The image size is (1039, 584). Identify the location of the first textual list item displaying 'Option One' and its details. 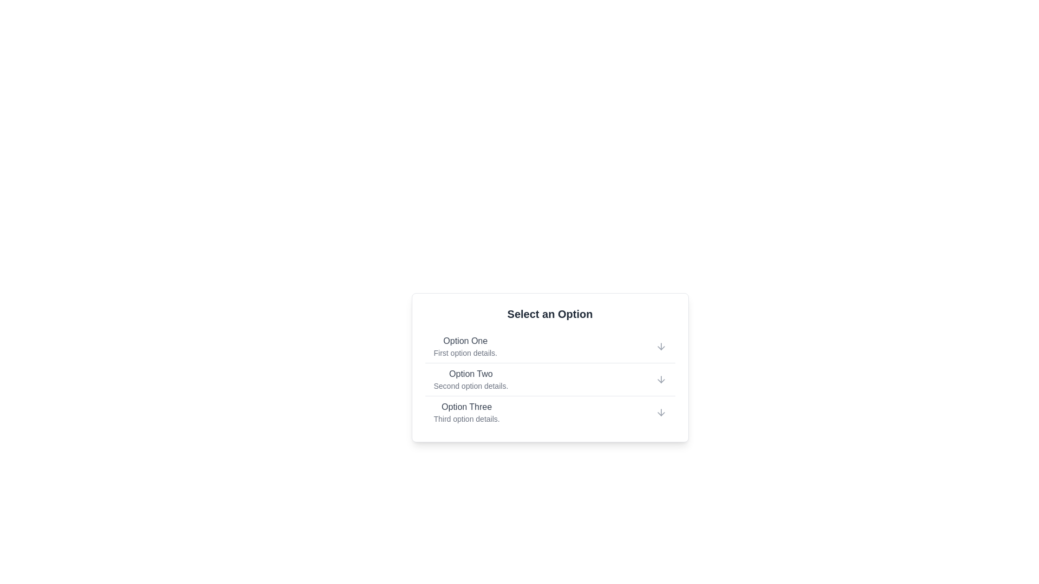
(465, 346).